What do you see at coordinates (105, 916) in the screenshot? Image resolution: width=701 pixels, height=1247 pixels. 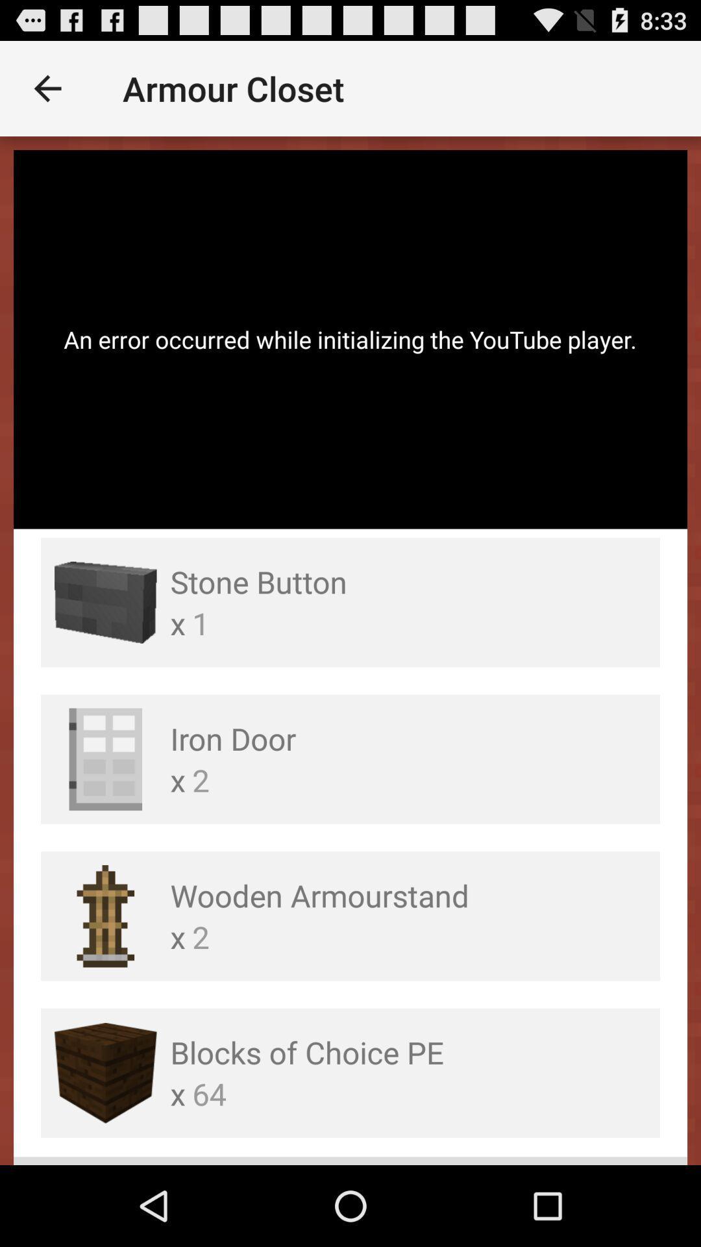 I see `the image left to the wooden armourstand` at bounding box center [105, 916].